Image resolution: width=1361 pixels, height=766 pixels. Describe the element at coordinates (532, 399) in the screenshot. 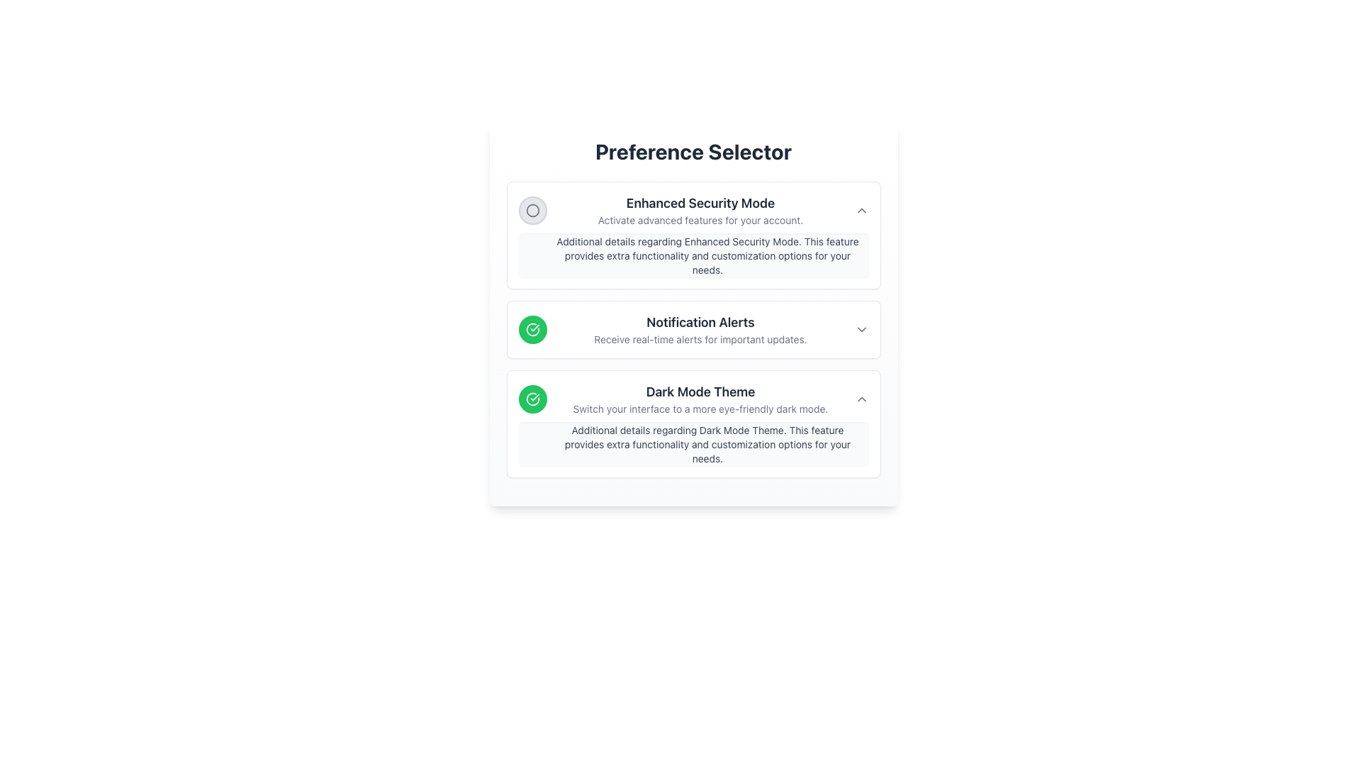

I see `the style or status of the circular green icon with a white check mark, located in the Notification Alerts section, to the left of the descriptive text` at that location.